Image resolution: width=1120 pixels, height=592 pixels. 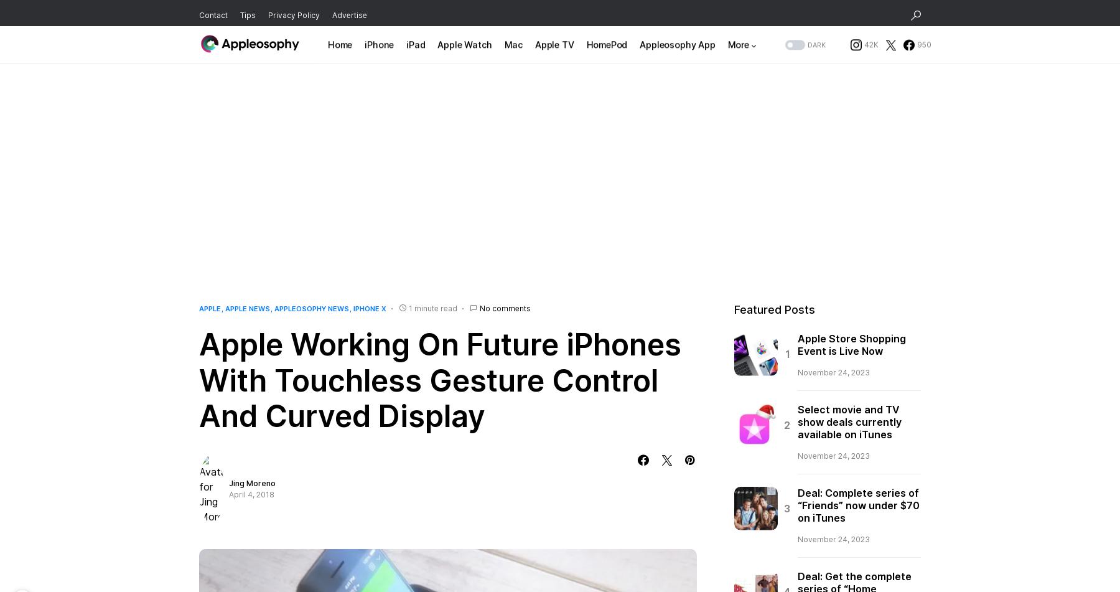 I want to click on 'Mac', so click(x=513, y=49).